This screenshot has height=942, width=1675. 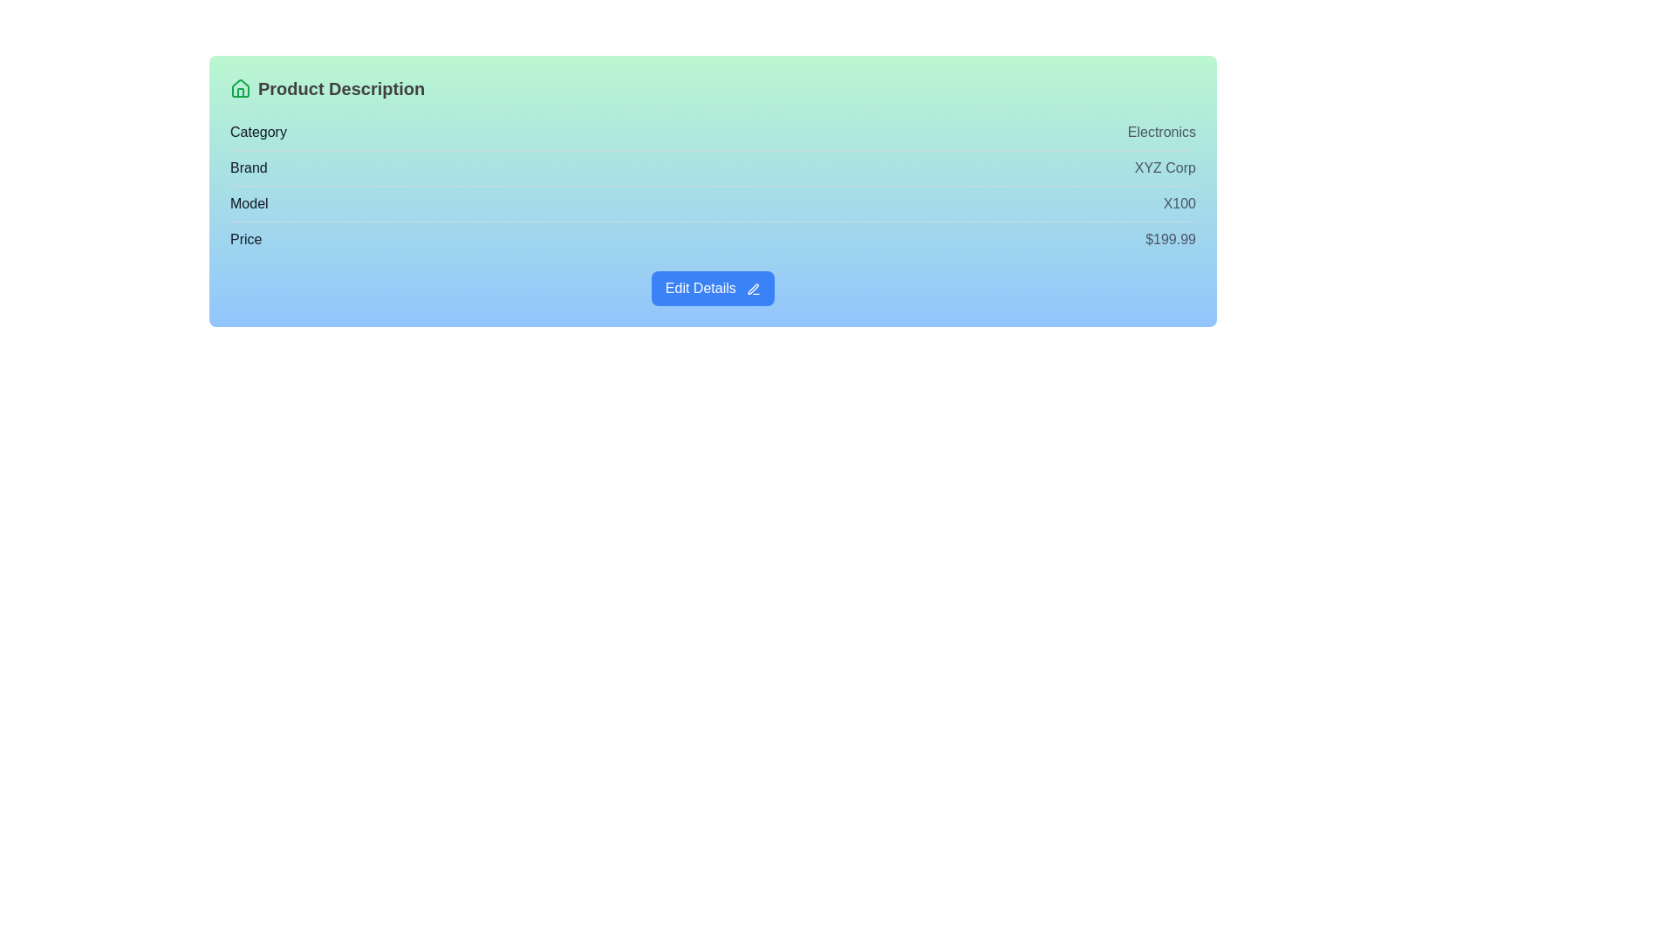 I want to click on the 'Edit Details' button located centrally at the bottom of the card element, beneath the 'Price' information, so click(x=713, y=288).